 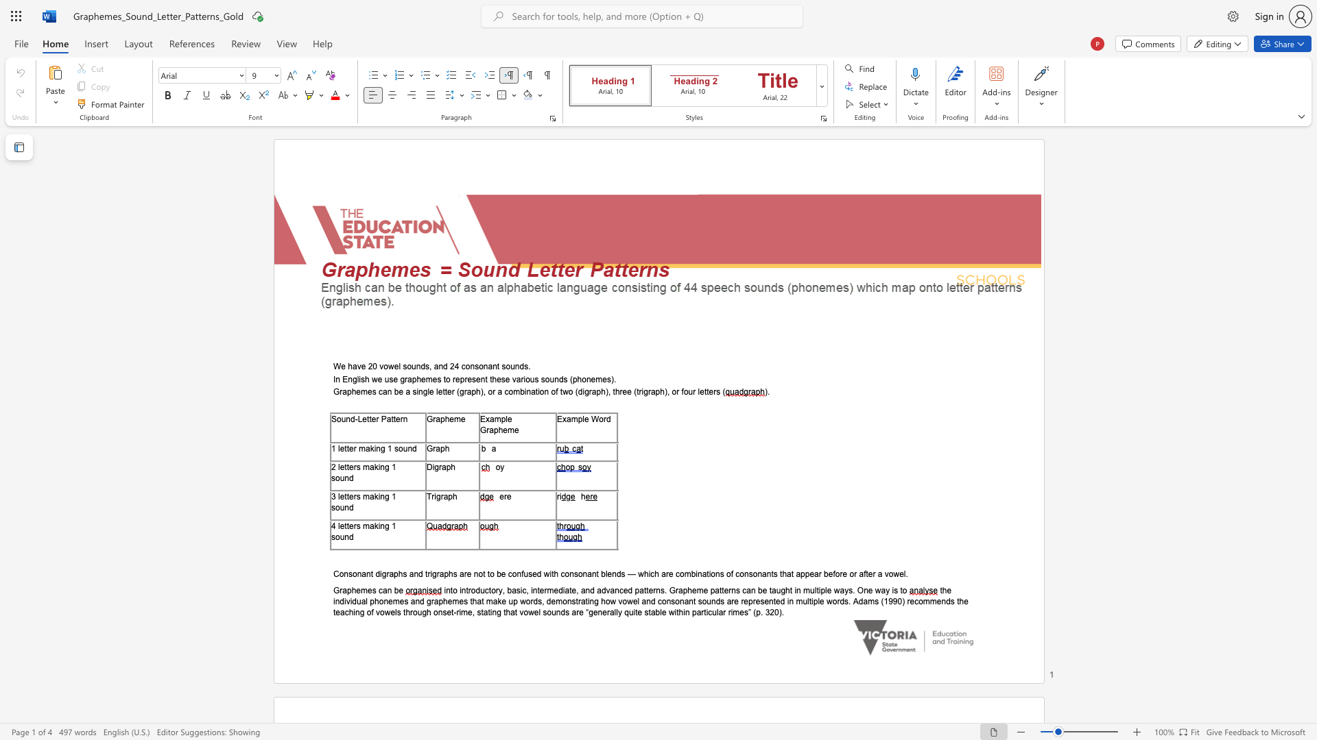 I want to click on the subset text "nstratin" within the text "demonstrating", so click(x=567, y=600).